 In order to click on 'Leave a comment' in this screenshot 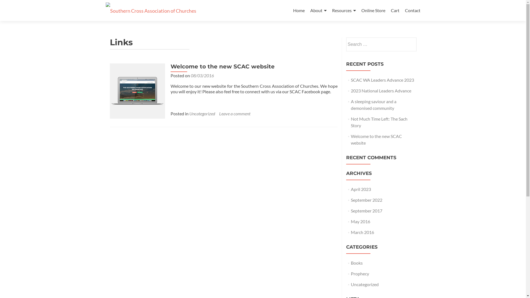, I will do `click(235, 113)`.